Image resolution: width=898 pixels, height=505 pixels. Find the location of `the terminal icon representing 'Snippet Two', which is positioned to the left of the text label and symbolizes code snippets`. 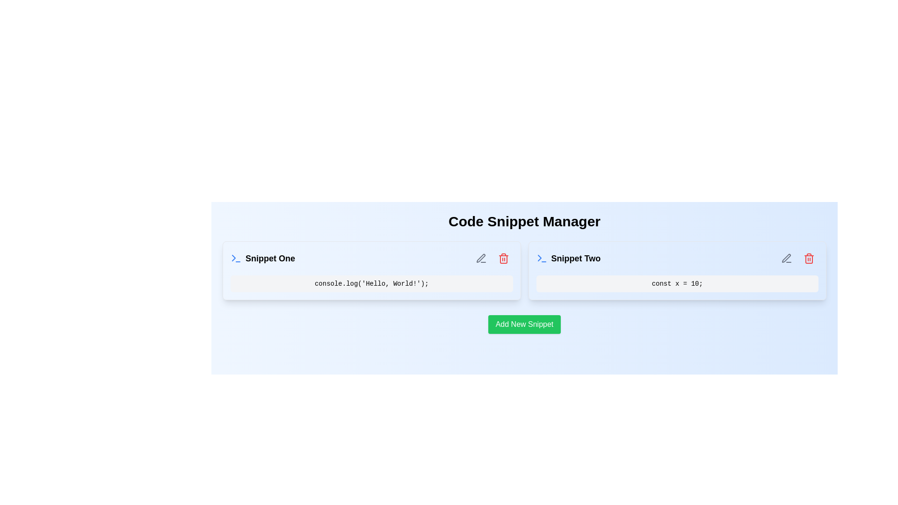

the terminal icon representing 'Snippet Two', which is positioned to the left of the text label and symbolizes code snippets is located at coordinates (542, 258).